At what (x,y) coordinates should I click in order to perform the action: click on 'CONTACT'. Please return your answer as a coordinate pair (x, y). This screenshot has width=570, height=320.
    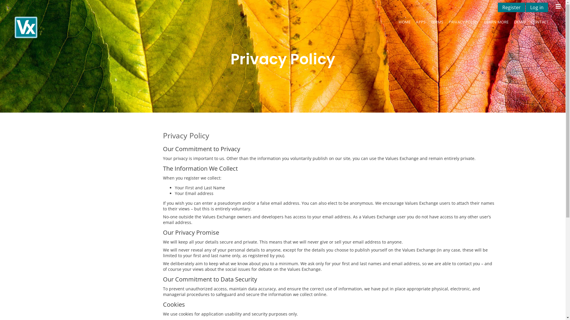
    Looking at the image, I should click on (540, 21).